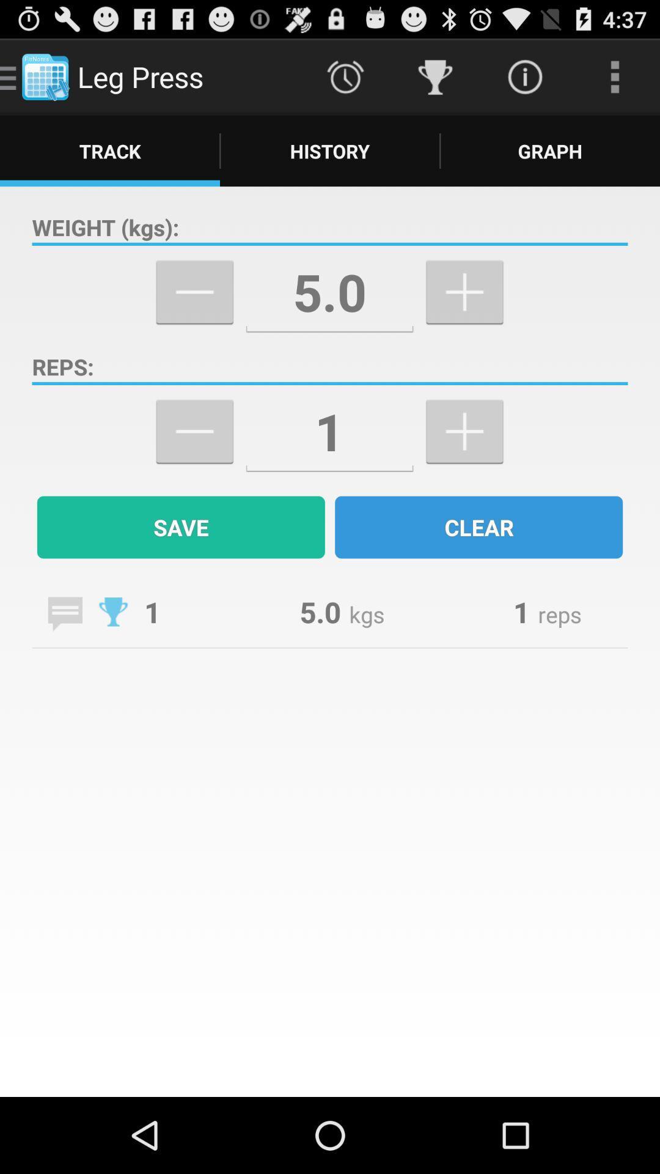 The width and height of the screenshot is (660, 1174). Describe the element at coordinates (194, 461) in the screenshot. I see `the minus icon` at that location.